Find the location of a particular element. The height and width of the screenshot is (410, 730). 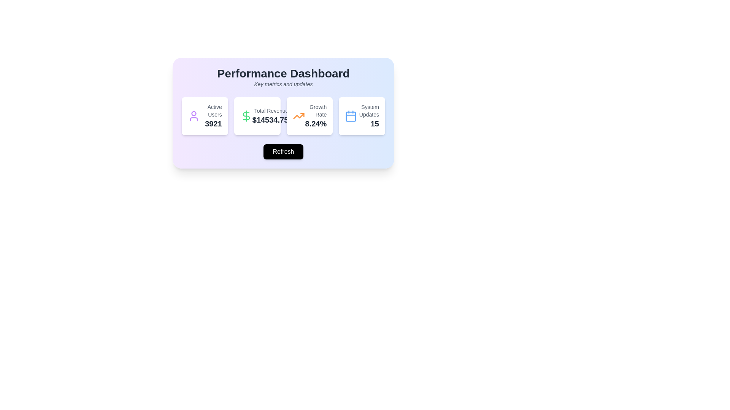

text label 'Growth Rate' located above the larger percentage '8.24%' within the statistics section of the third card from the left in the dashboard is located at coordinates (316, 111).